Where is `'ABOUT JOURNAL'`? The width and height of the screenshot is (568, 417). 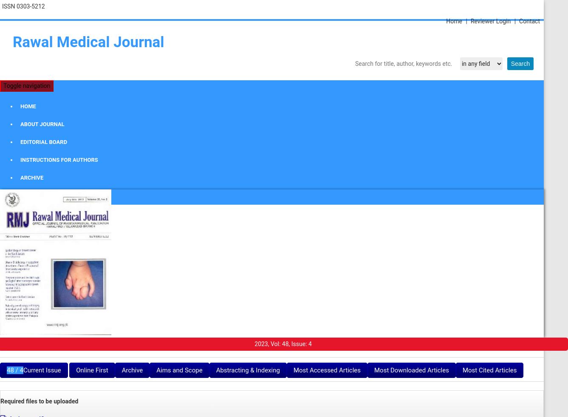
'ABOUT JOURNAL' is located at coordinates (20, 124).